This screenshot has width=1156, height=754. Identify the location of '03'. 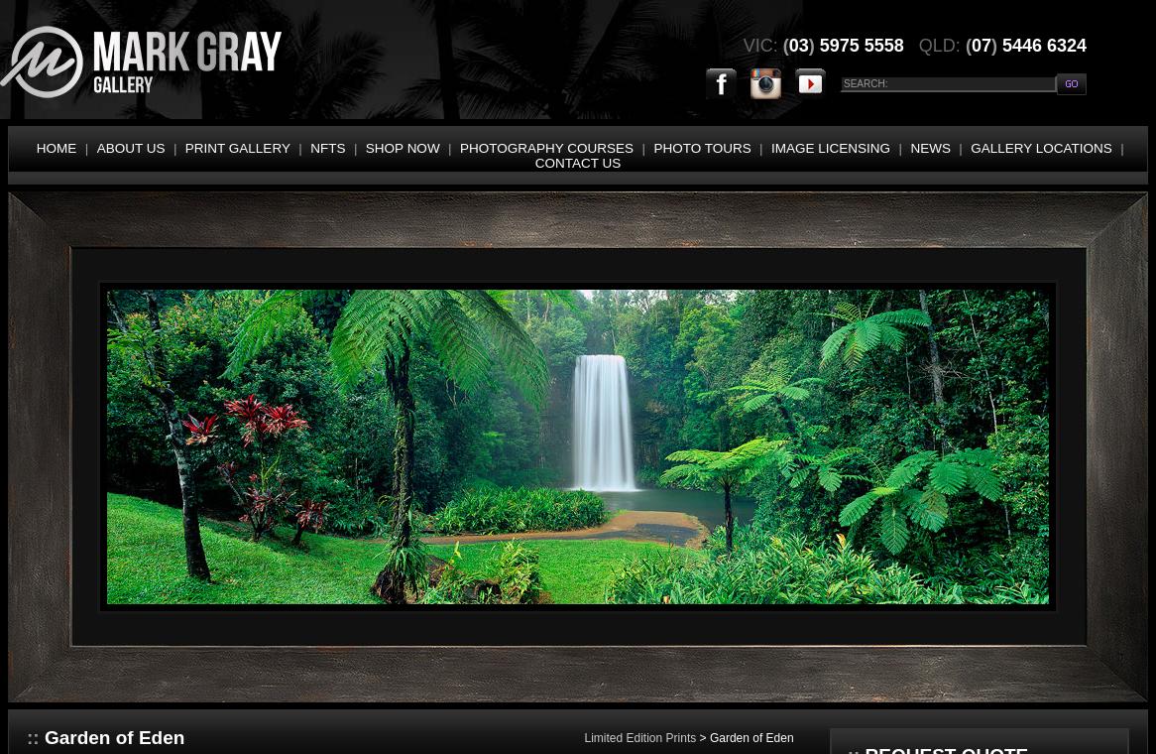
(797, 44).